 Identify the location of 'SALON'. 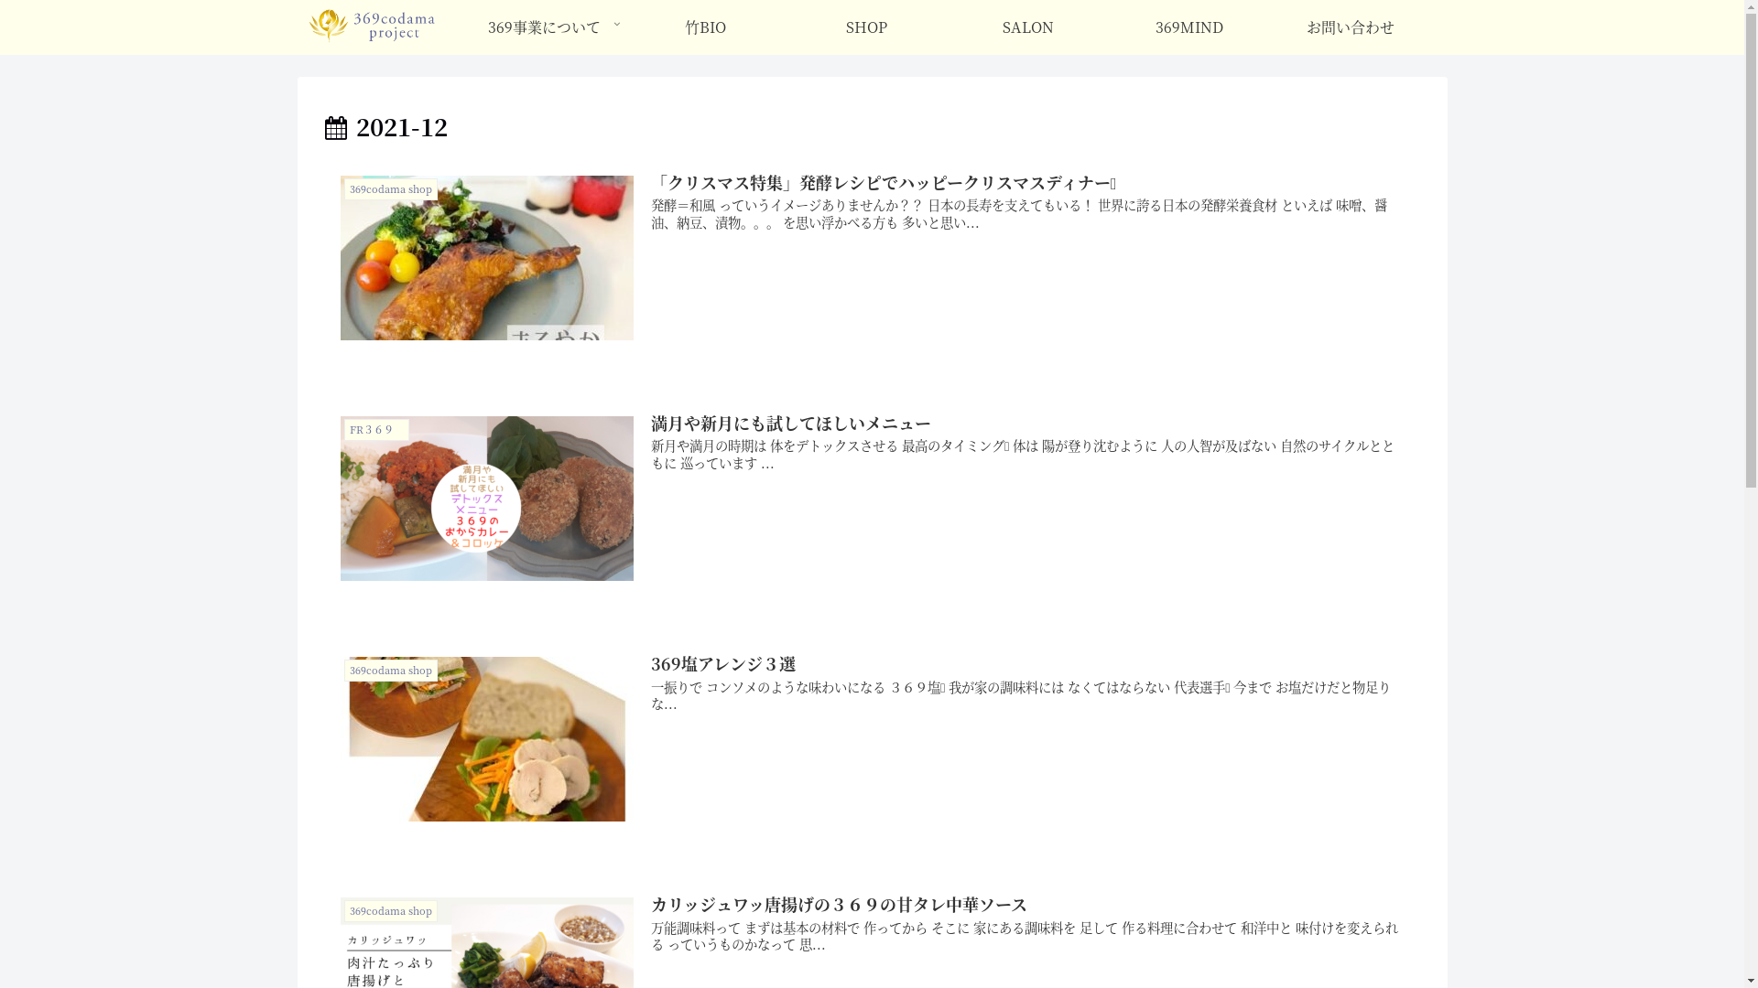
(948, 27).